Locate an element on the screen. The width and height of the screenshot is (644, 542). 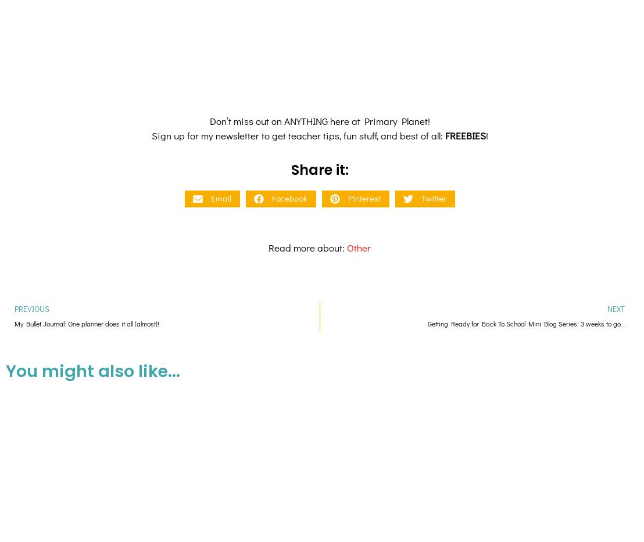
'Pinterest' is located at coordinates (347, 99).